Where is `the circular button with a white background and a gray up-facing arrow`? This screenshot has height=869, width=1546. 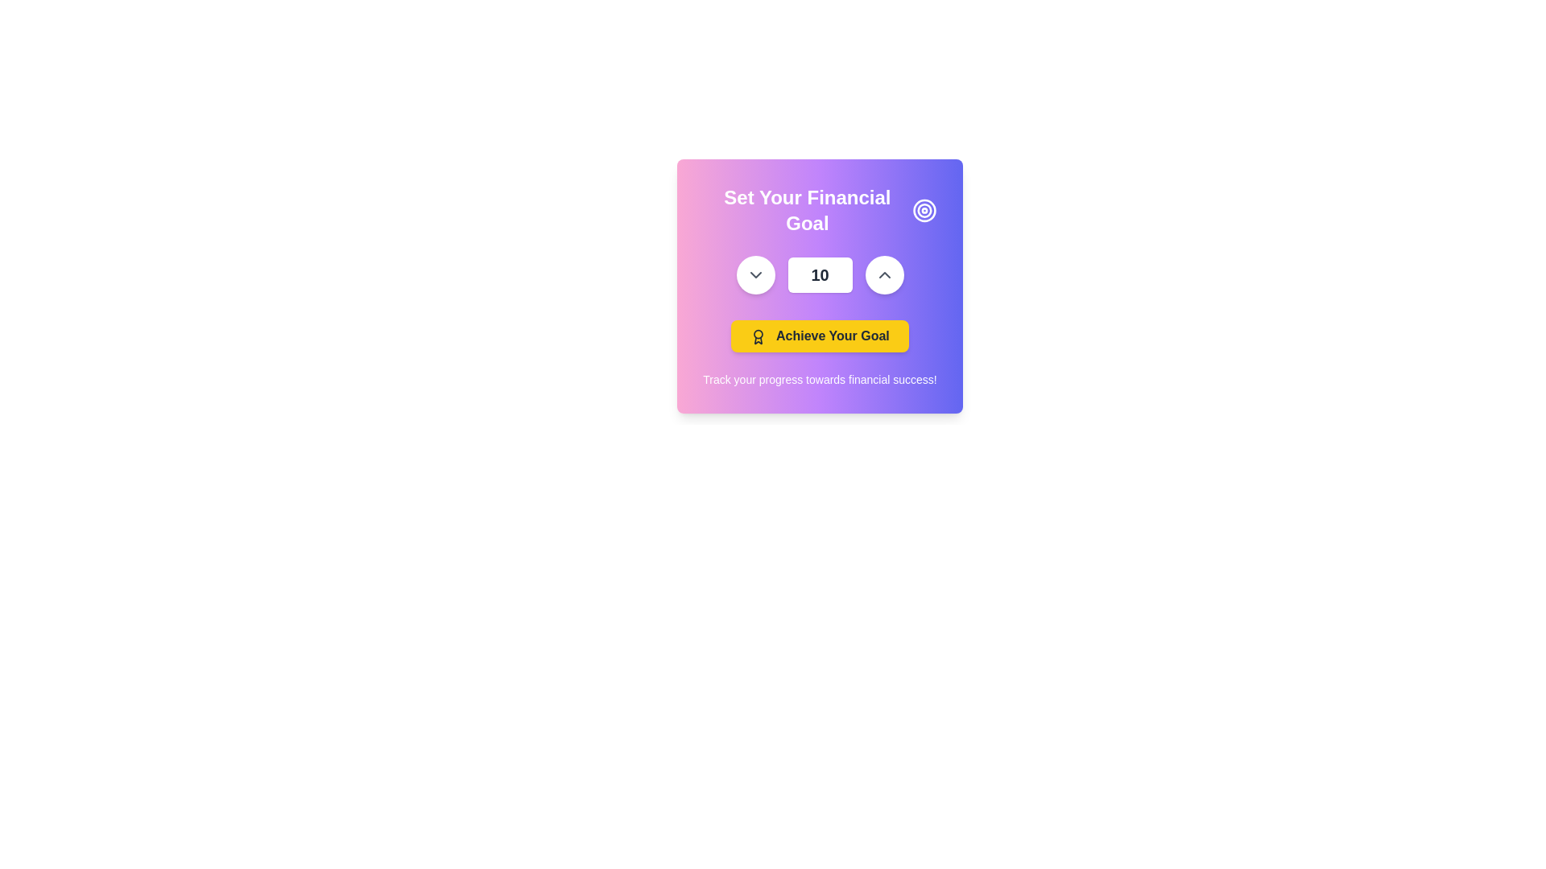
the circular button with a white background and a gray up-facing arrow is located at coordinates (883, 274).